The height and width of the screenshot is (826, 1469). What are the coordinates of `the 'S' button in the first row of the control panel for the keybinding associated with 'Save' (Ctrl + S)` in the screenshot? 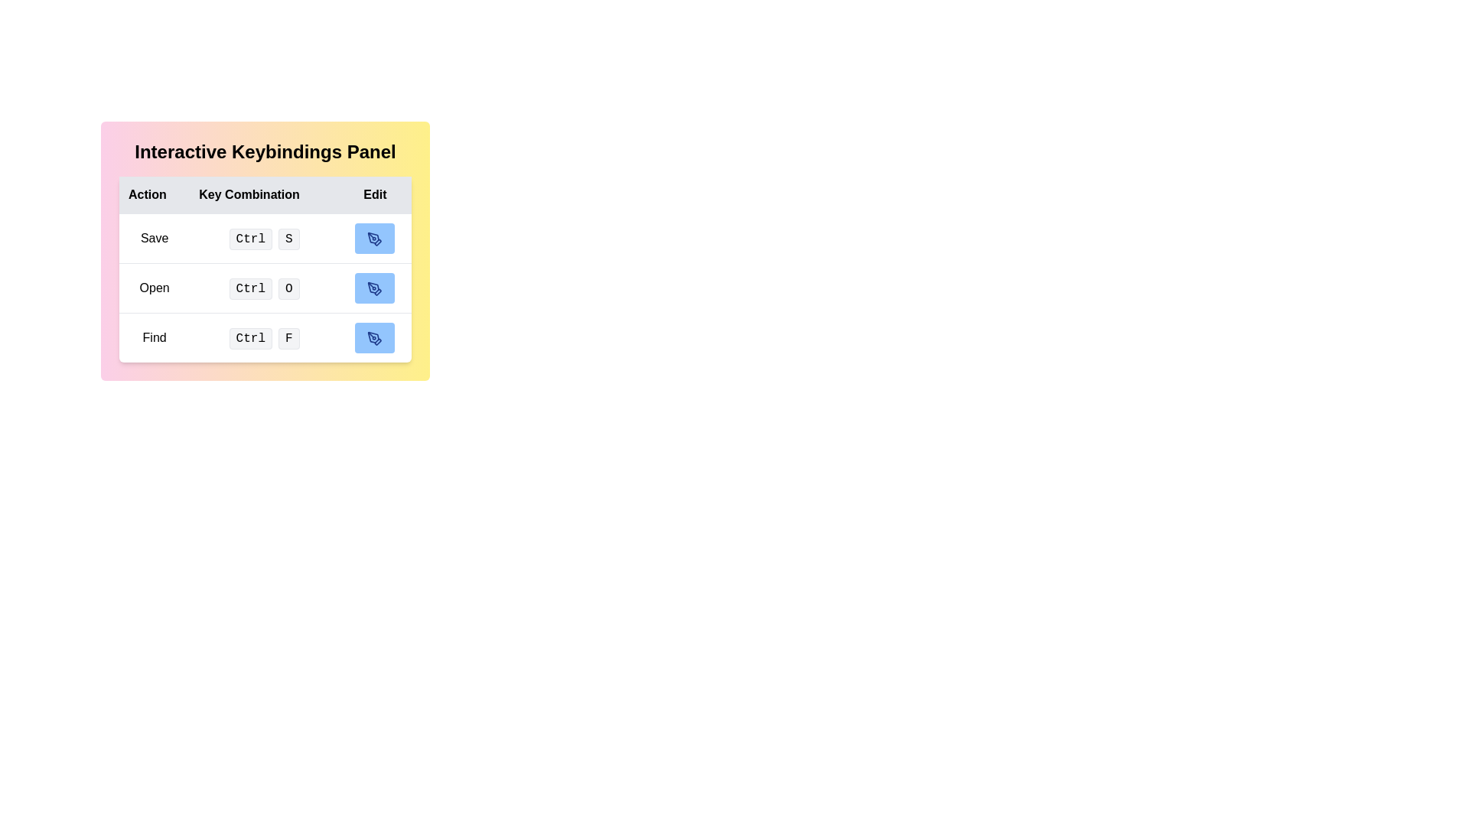 It's located at (265, 239).